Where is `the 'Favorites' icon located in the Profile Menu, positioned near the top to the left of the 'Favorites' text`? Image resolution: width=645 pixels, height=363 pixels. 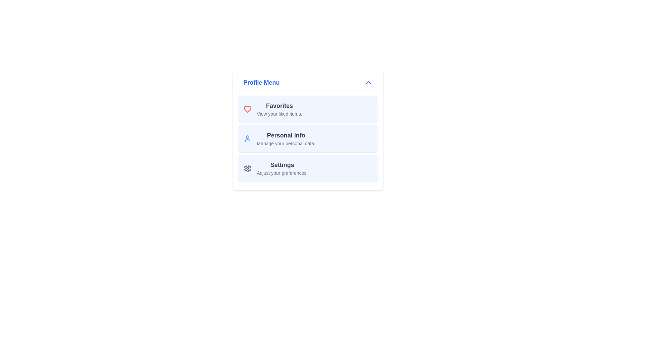 the 'Favorites' icon located in the Profile Menu, positioned near the top to the left of the 'Favorites' text is located at coordinates (247, 109).